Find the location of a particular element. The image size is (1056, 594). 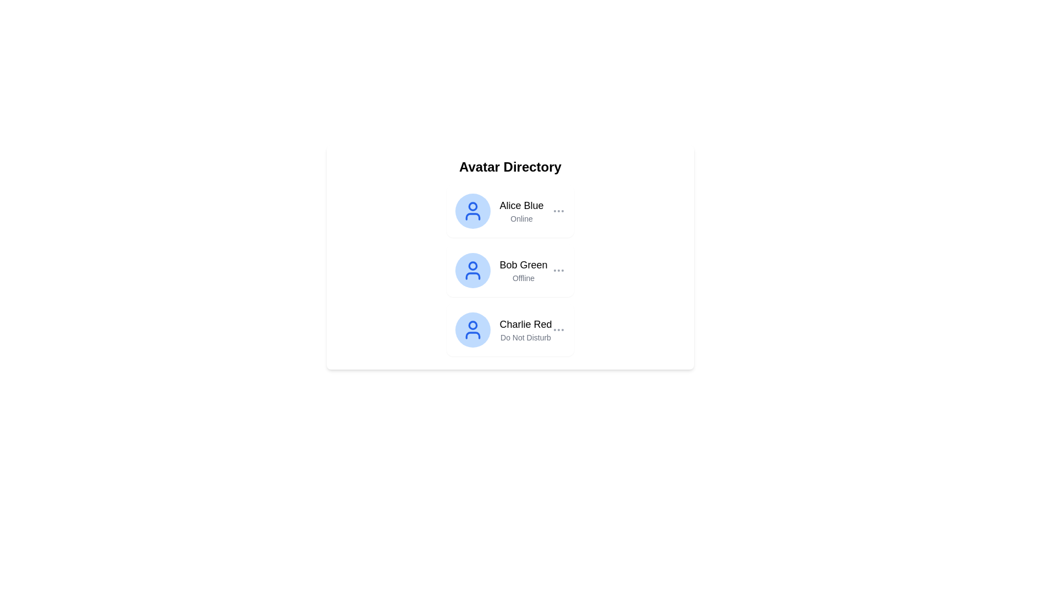

the circular decorative element representing the head portion of the user icon for 'Bob Green' in the list is located at coordinates (473, 266).